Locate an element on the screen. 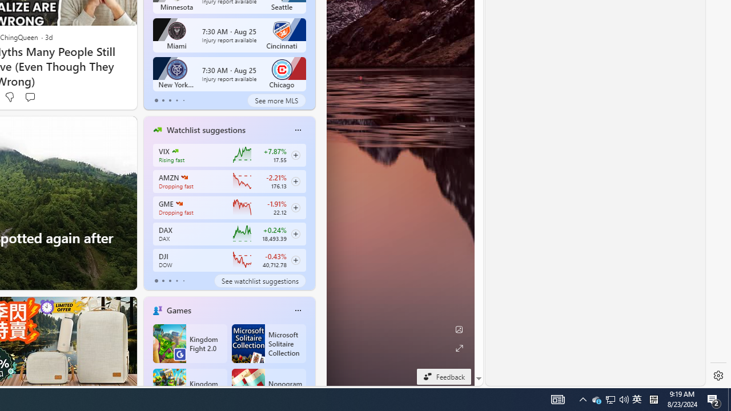 The image size is (731, 411). 'Nonogram FRVR' is located at coordinates (268, 388).